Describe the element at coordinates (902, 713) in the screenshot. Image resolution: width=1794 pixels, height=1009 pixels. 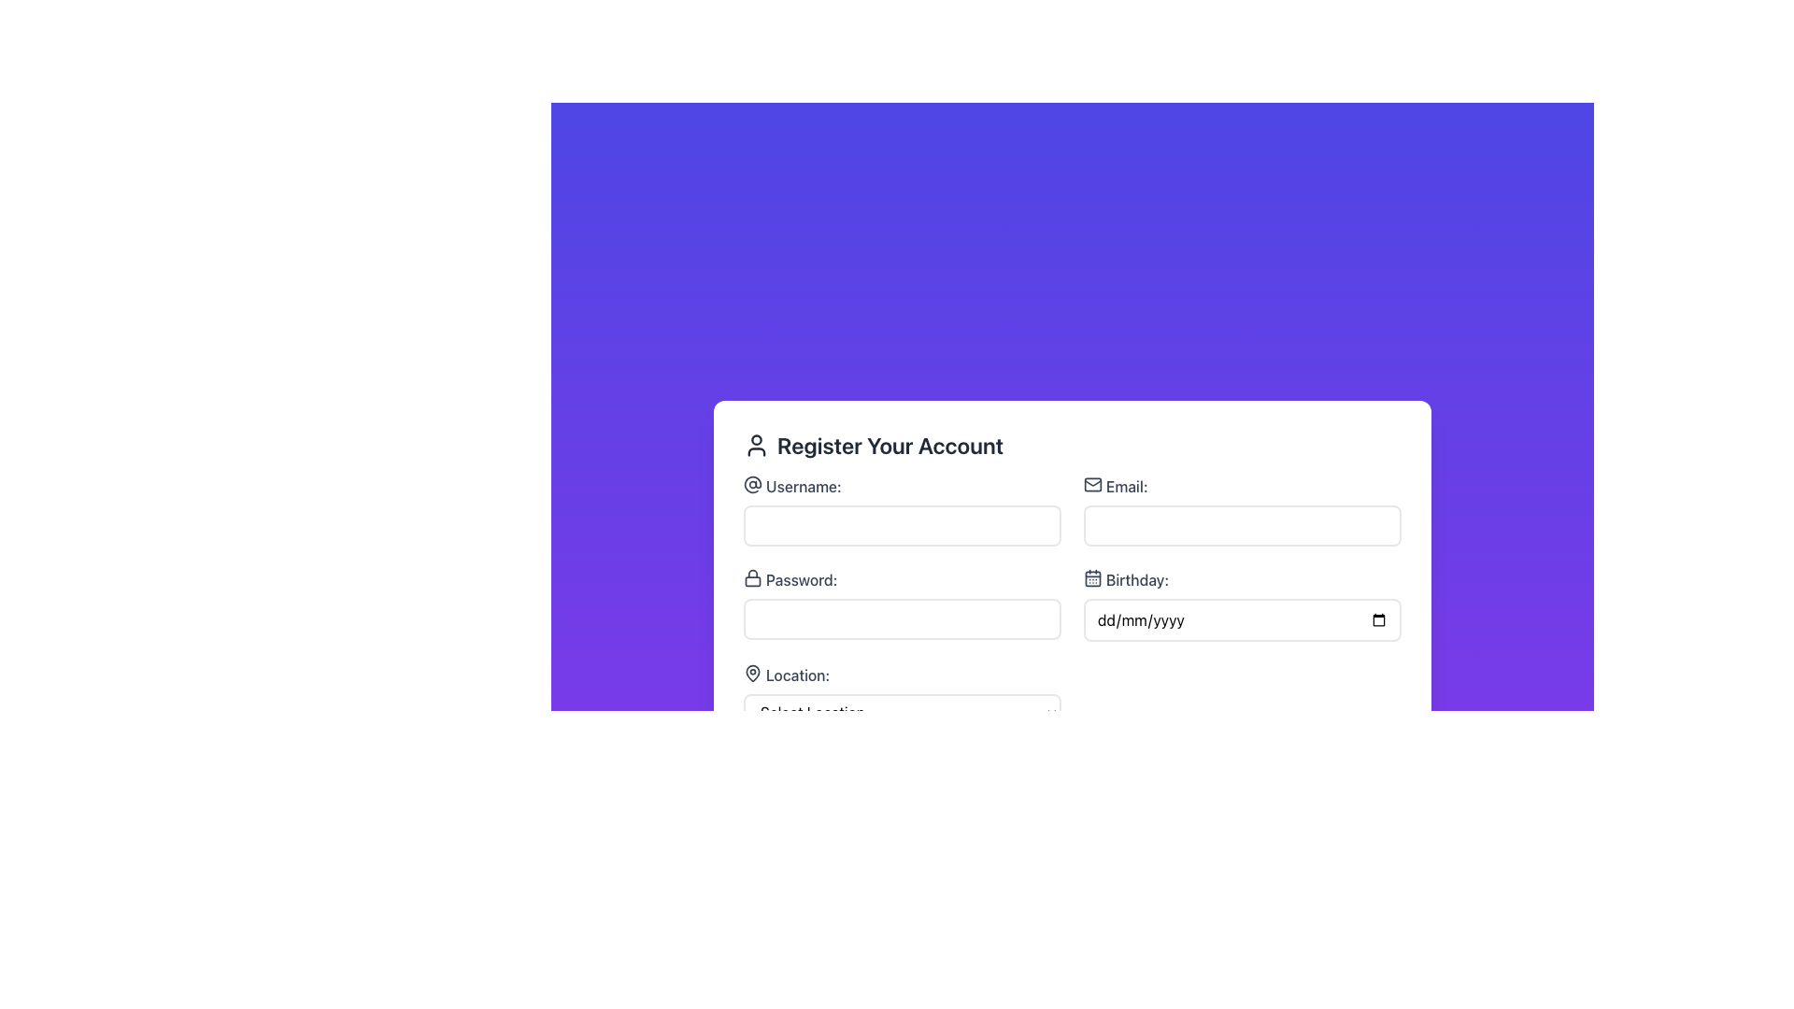
I see `the Dropdown menu in the 'Location:' form field of the user registration form` at that location.